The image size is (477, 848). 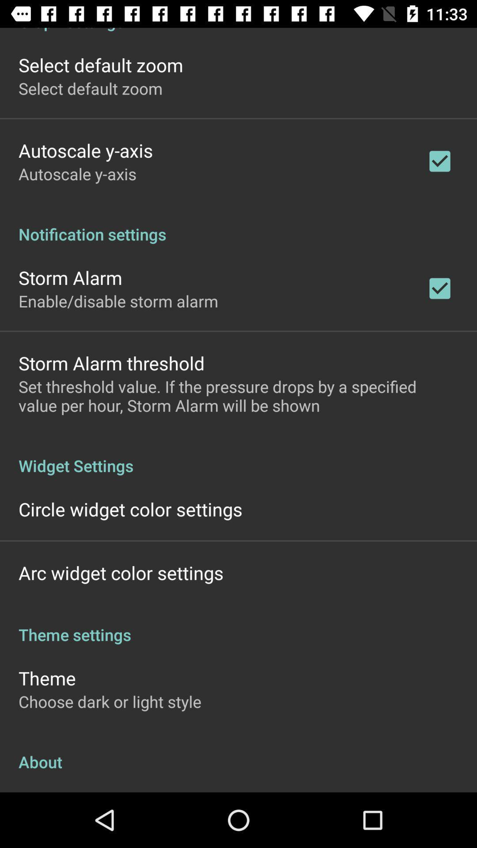 What do you see at coordinates (118, 301) in the screenshot?
I see `enable disable storm` at bounding box center [118, 301].